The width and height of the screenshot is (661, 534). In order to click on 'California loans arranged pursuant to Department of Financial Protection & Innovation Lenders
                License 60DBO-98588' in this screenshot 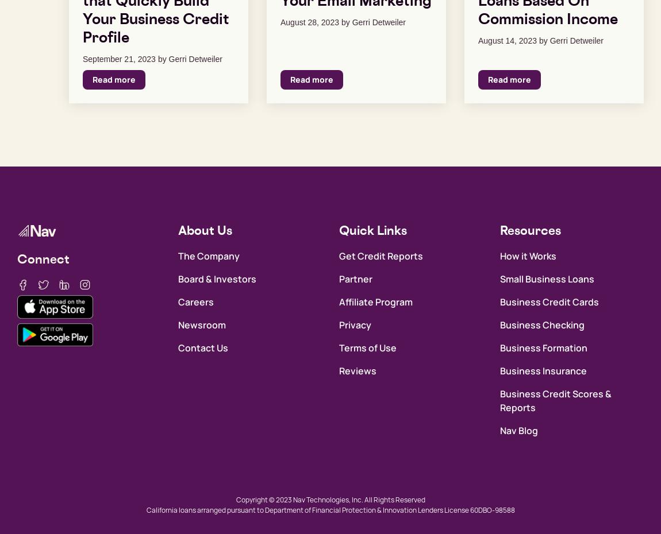, I will do `click(330, 510)`.